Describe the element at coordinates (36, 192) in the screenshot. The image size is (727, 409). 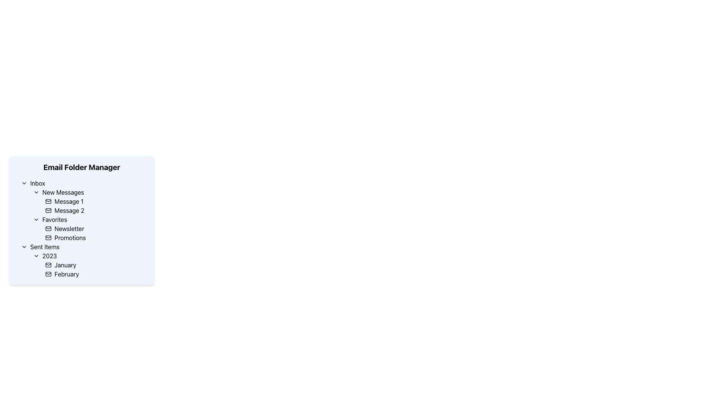
I see `the downward-facing chevron icon located to the left of the 'New Messages' menu item in the Email Folder Manager interface` at that location.